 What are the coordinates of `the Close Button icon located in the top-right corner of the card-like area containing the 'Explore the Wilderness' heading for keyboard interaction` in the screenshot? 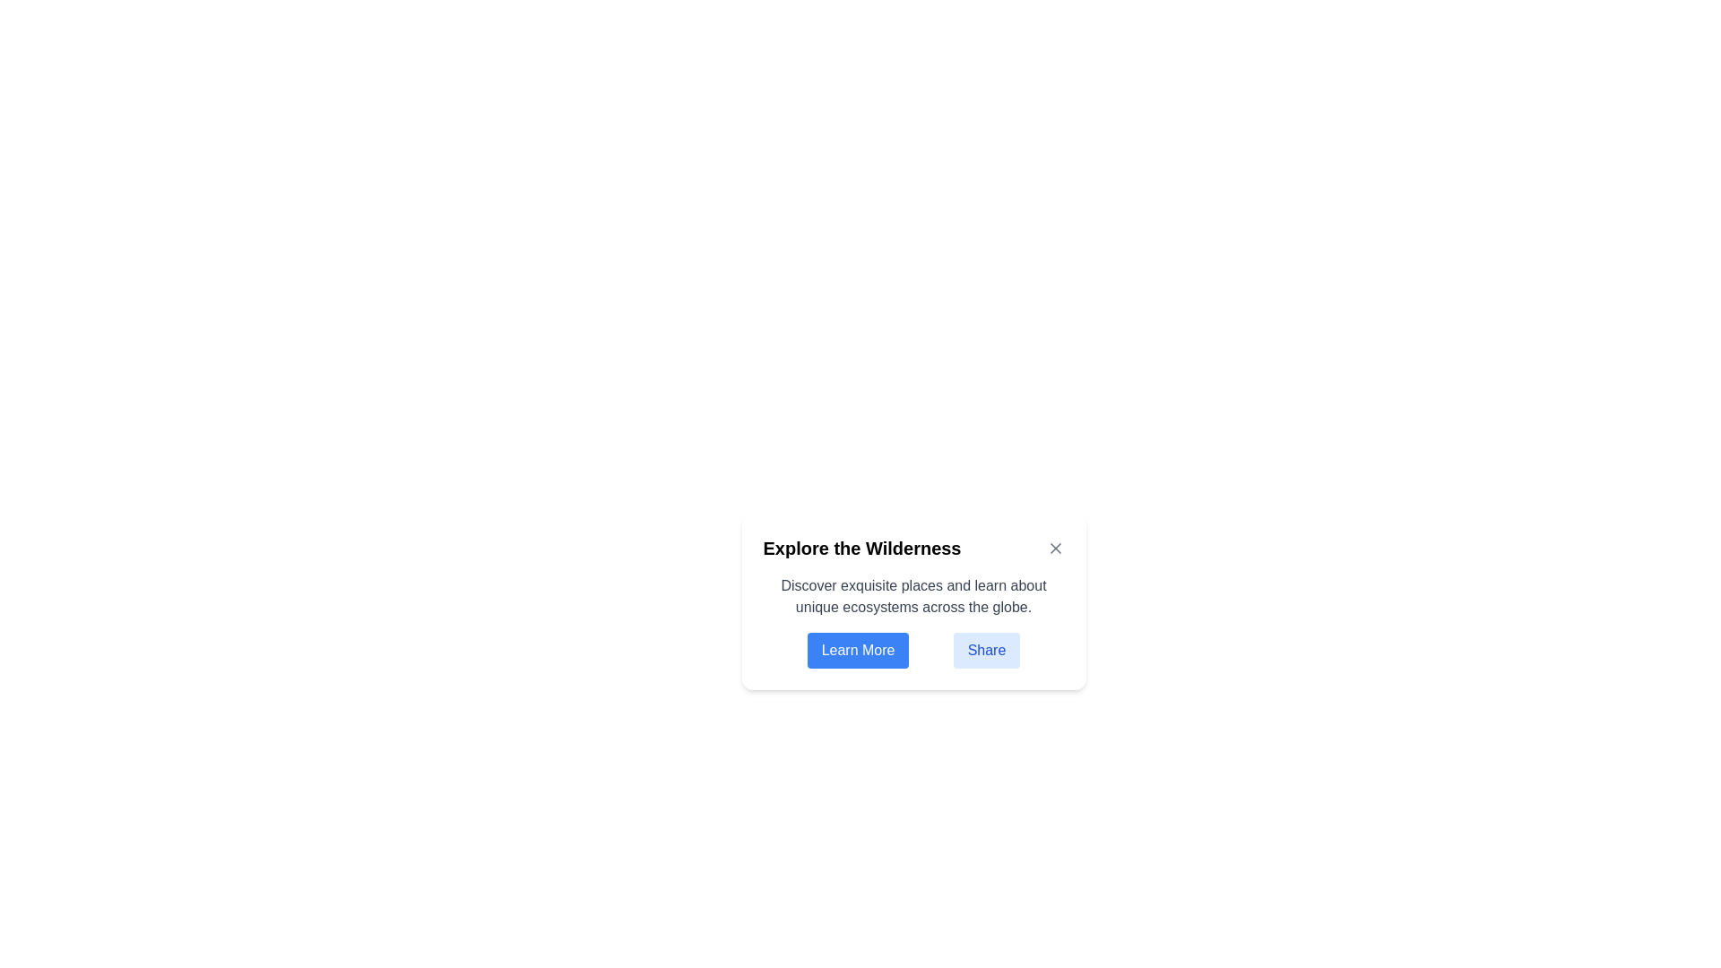 It's located at (1055, 548).